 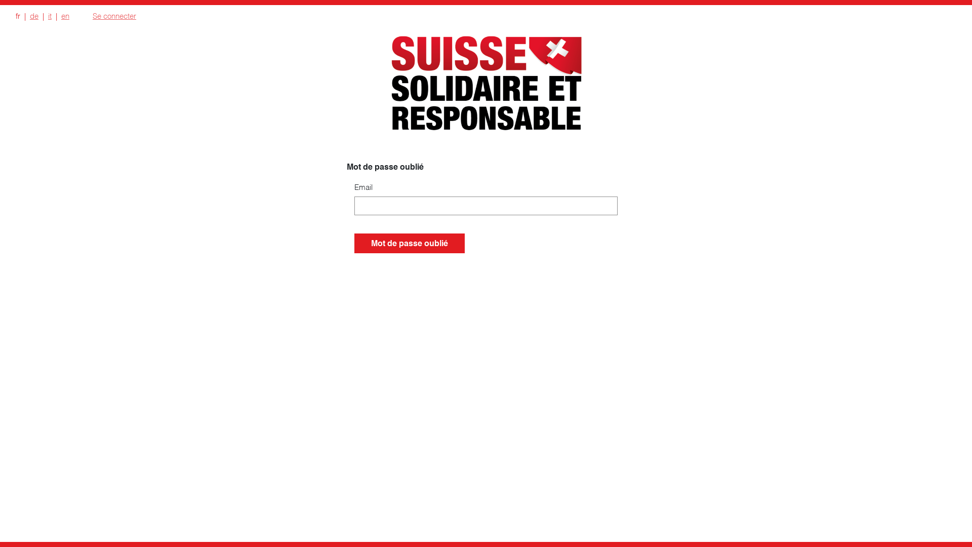 I want to click on 'it', so click(x=49, y=15).